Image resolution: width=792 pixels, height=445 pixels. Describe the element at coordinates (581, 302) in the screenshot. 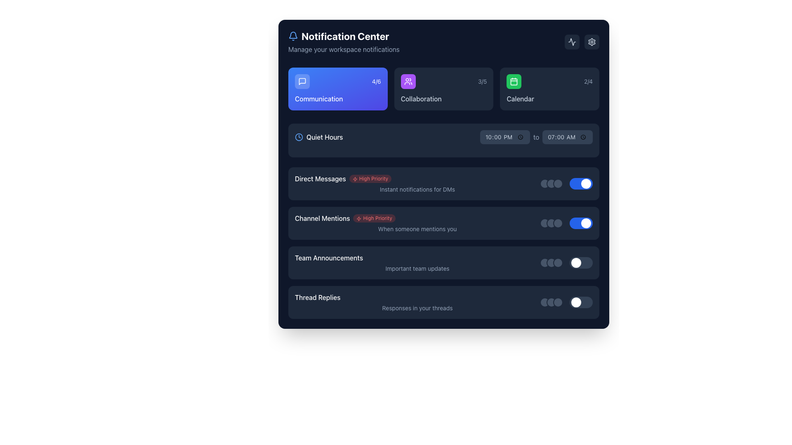

I see `the toggle switch with a dark background and a white circular knob on the far right of the 'Thread Replies' row in the Notification Center interface` at that location.